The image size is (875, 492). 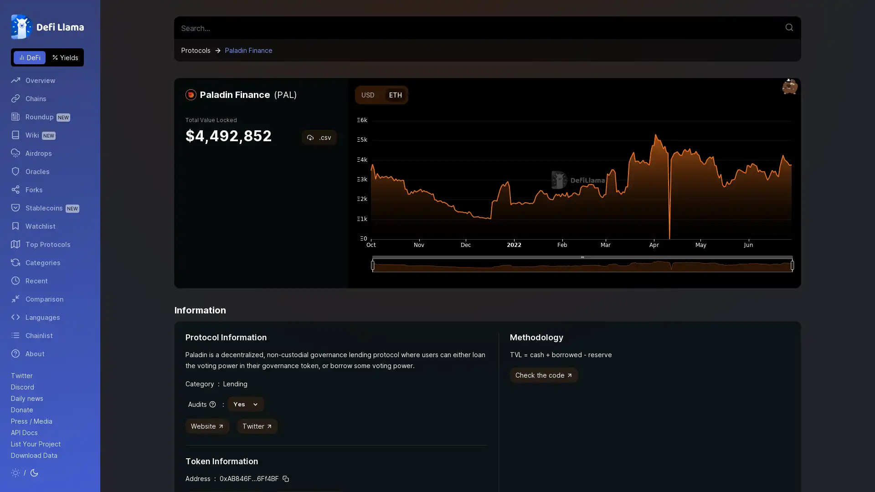 What do you see at coordinates (25, 472) in the screenshot?
I see `/` at bounding box center [25, 472].